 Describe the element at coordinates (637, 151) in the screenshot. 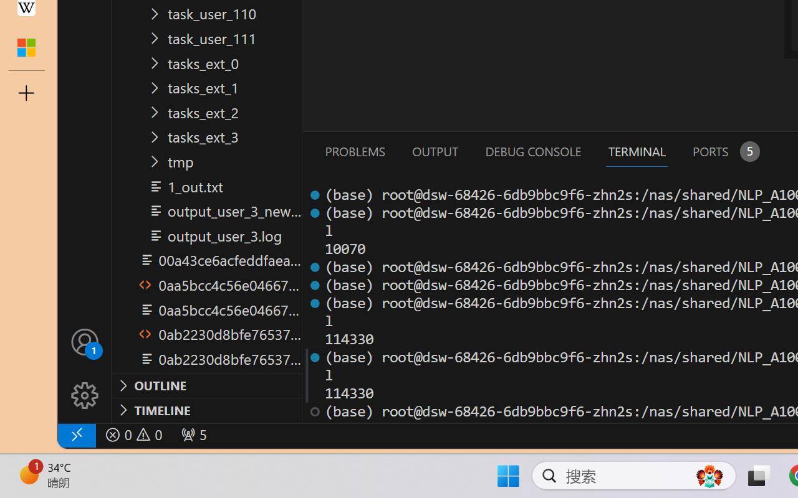

I see `'Terminal (Ctrl+`)'` at that location.